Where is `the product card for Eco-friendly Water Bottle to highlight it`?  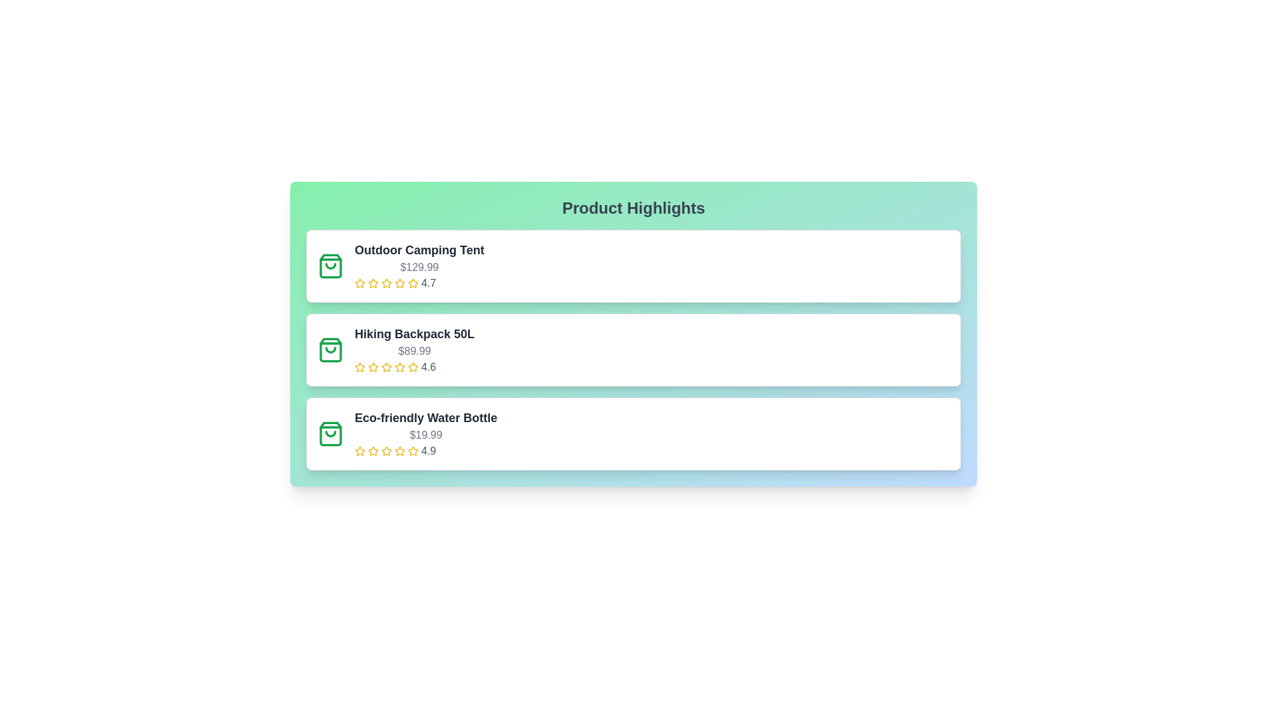 the product card for Eco-friendly Water Bottle to highlight it is located at coordinates (632, 433).